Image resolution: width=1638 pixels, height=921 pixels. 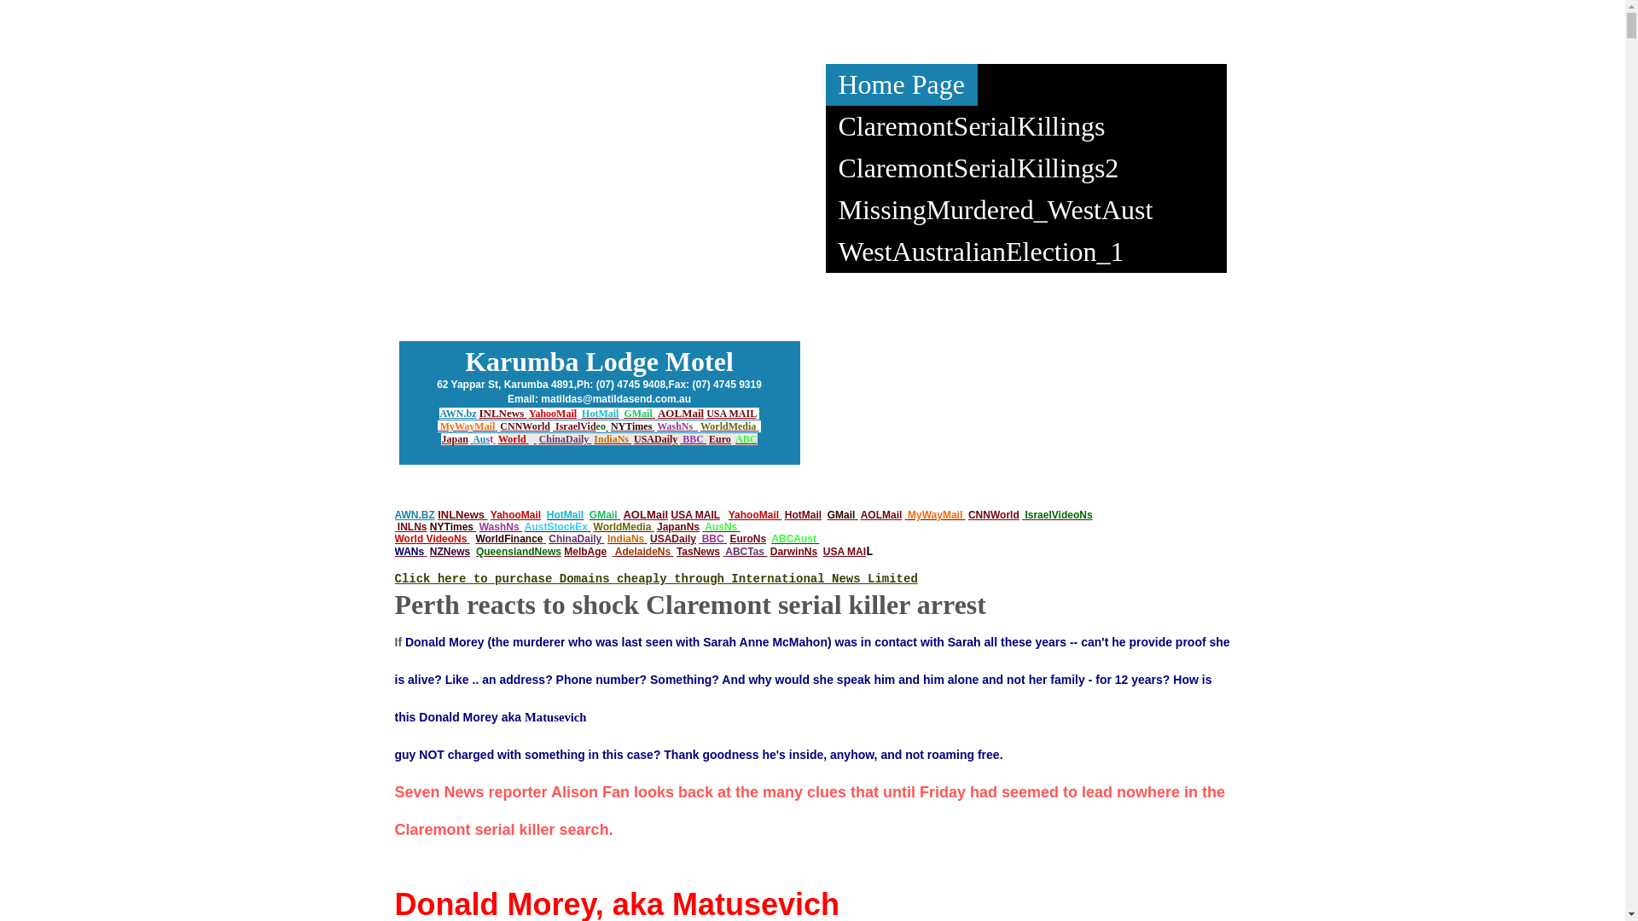 What do you see at coordinates (479, 438) in the screenshot?
I see `'Aus'` at bounding box center [479, 438].